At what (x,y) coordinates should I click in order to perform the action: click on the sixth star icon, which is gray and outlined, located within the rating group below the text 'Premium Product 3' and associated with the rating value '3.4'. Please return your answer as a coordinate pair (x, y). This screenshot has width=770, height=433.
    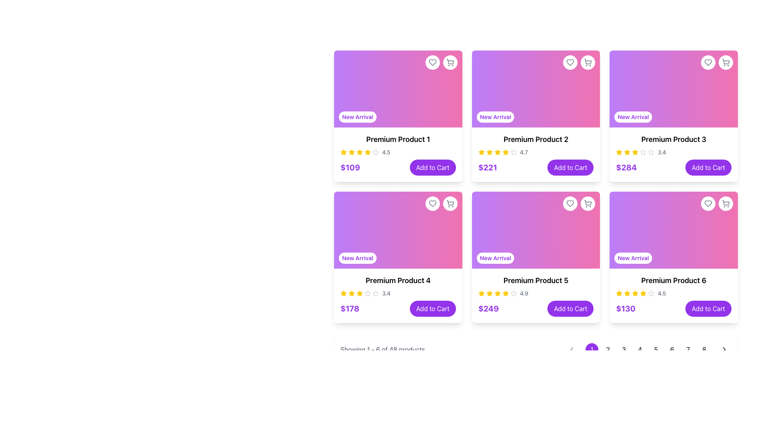
    Looking at the image, I should click on (651, 152).